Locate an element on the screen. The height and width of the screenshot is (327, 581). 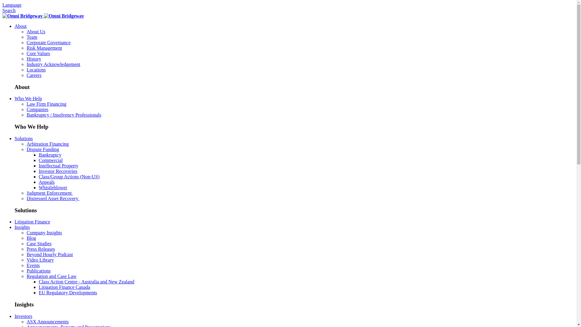
'Language' is located at coordinates (2, 5).